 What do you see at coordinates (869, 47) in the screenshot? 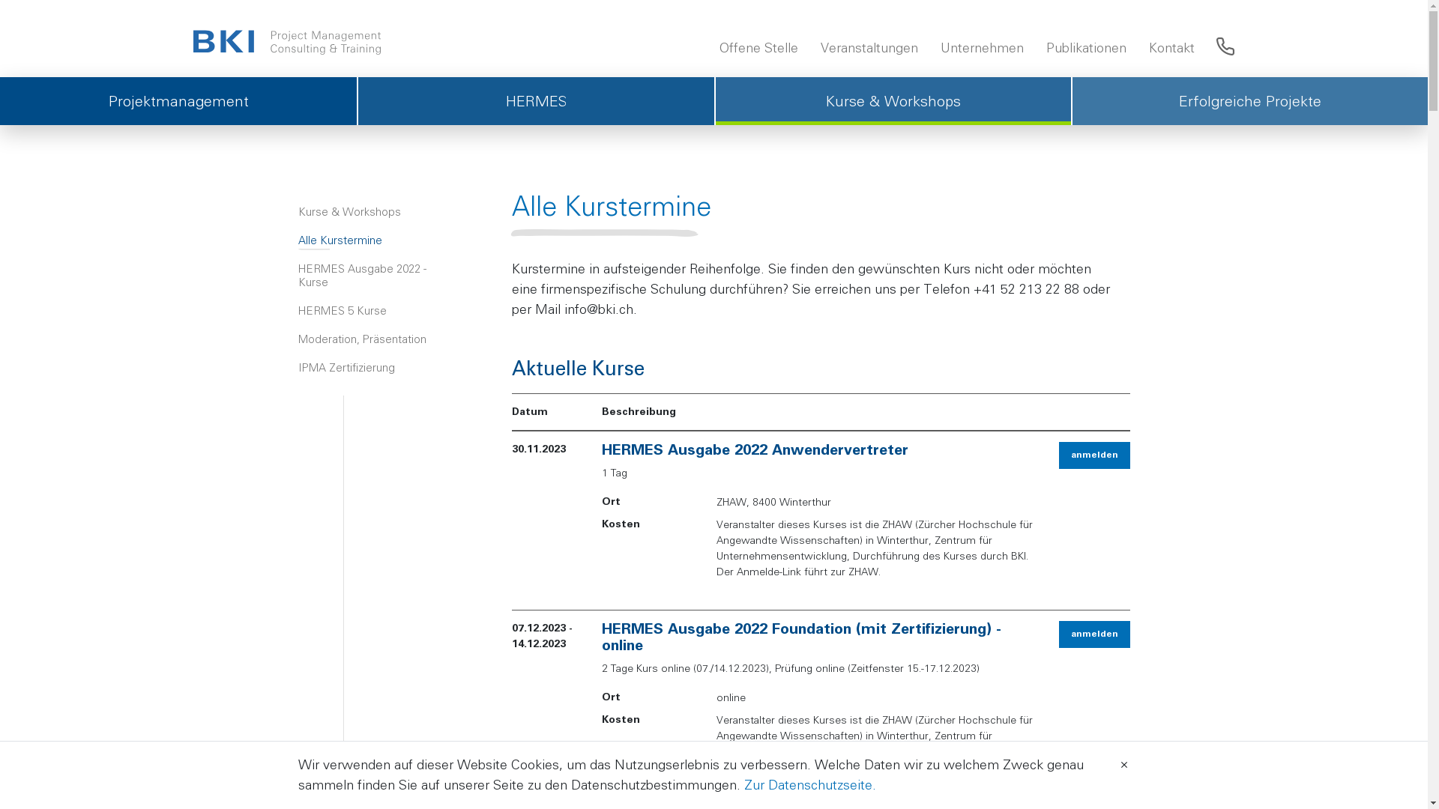
I see `'Veranstaltungen'` at bounding box center [869, 47].